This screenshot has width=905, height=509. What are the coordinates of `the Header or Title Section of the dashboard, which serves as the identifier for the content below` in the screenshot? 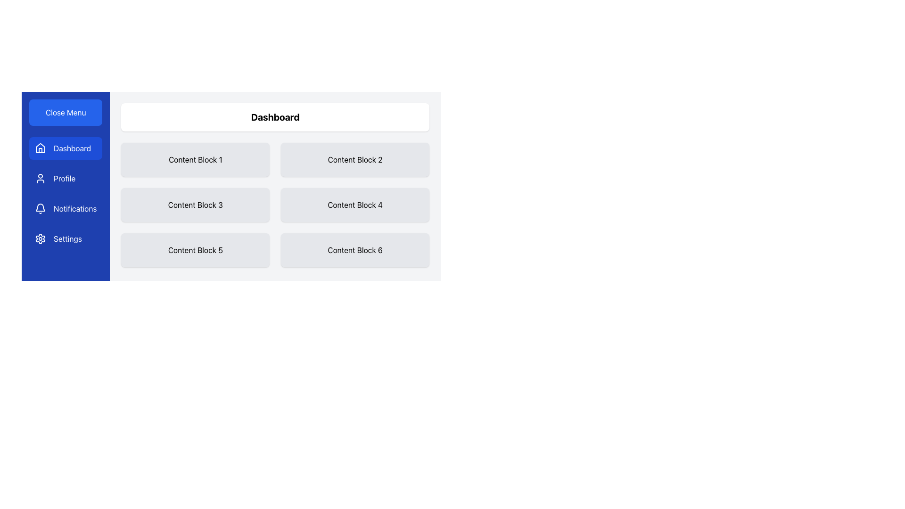 It's located at (275, 117).